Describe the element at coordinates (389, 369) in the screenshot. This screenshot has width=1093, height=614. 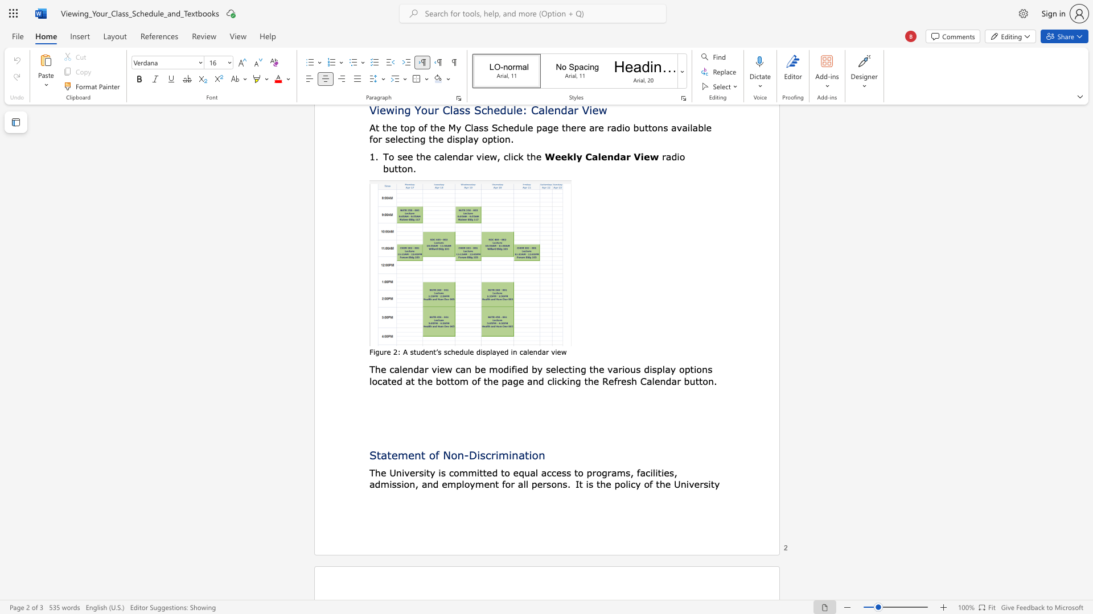
I see `the subset text "calendar view can b" within the text "The calendar view can be"` at that location.